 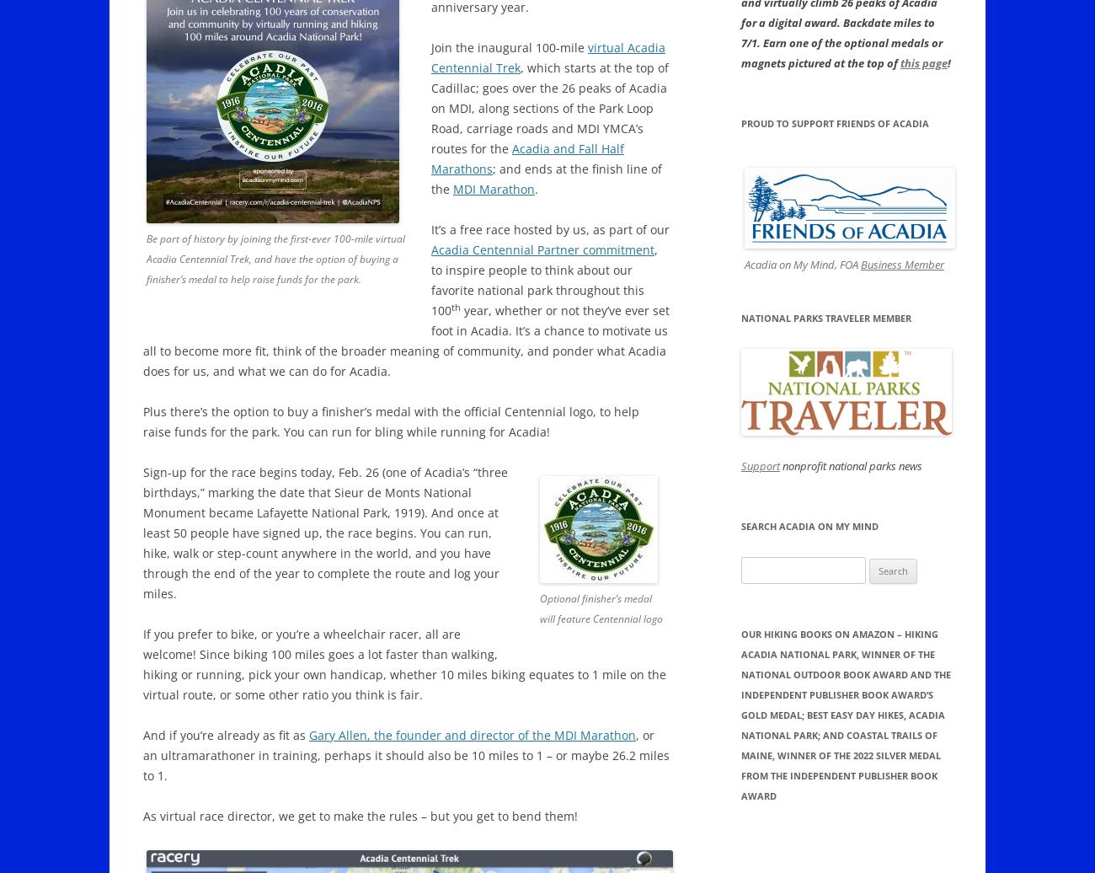 I want to click on 'Be part of history by joining the first-ever 100-mile virtual Acadia Centennial Trek, and have the option of buying a finisher’s medal to help raise funds for the park.', so click(x=275, y=259).